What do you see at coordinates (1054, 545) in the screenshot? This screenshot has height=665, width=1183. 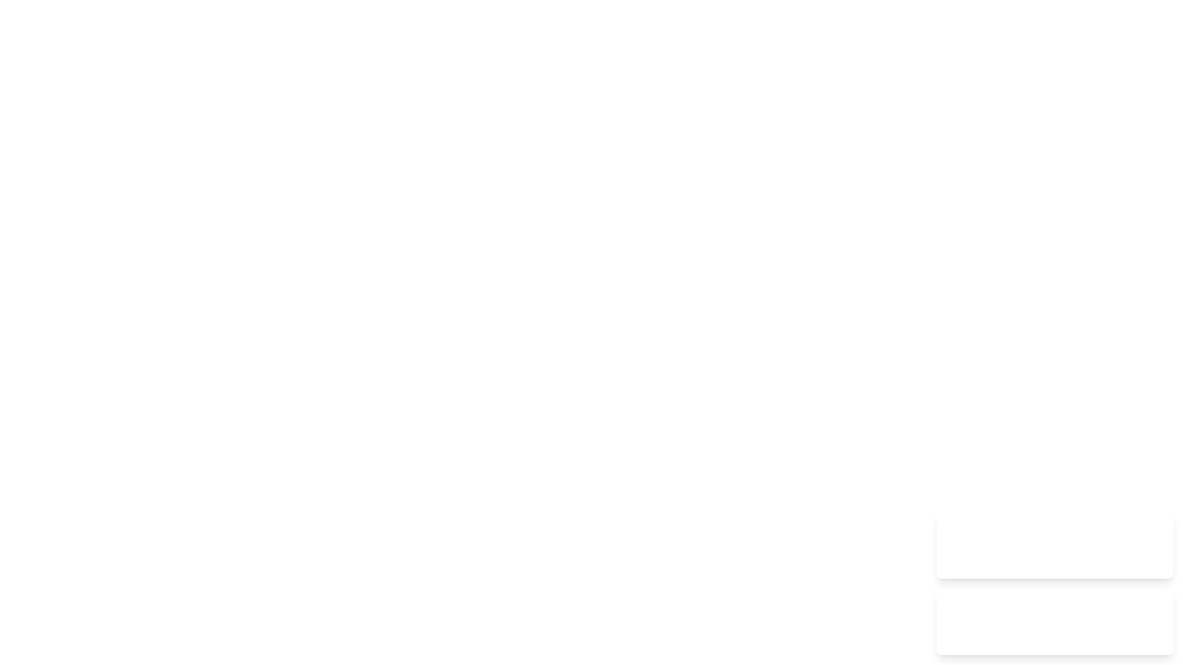 I see `the notification with the title 'Submission Completed'` at bounding box center [1054, 545].